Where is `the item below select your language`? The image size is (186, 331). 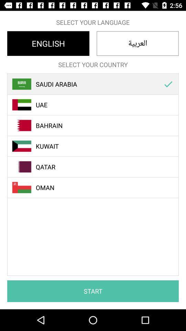 the item below select your language is located at coordinates (137, 43).